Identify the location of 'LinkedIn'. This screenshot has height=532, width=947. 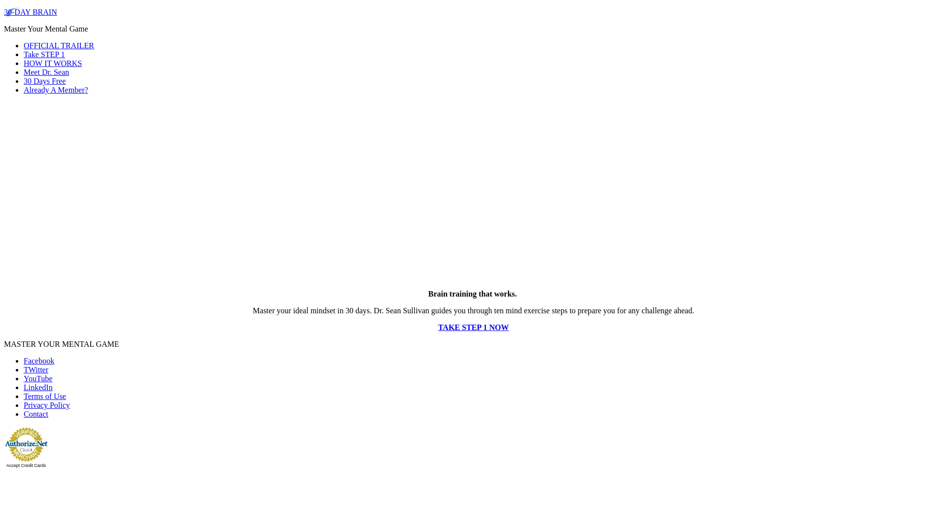
(38, 387).